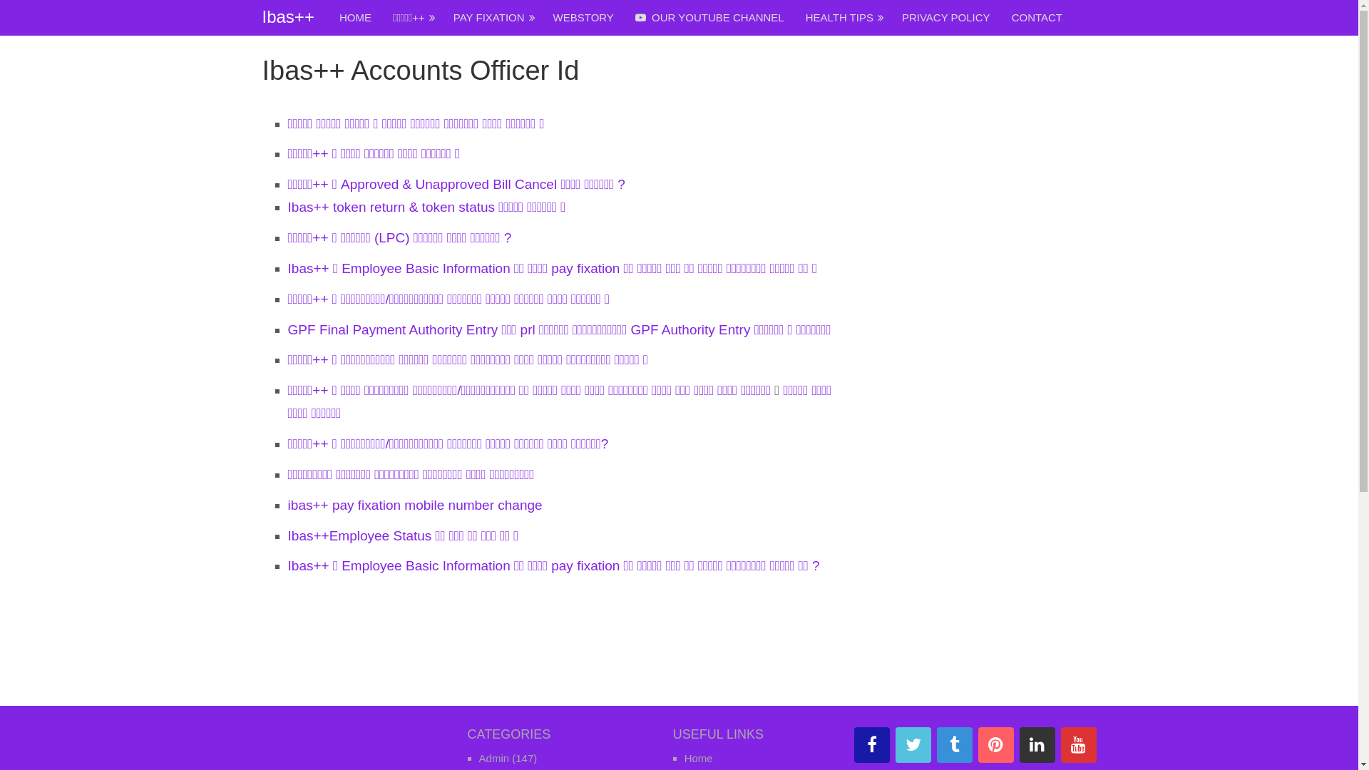 The height and width of the screenshot is (770, 1369). Describe the element at coordinates (287, 16) in the screenshot. I see `'Ibas++'` at that location.